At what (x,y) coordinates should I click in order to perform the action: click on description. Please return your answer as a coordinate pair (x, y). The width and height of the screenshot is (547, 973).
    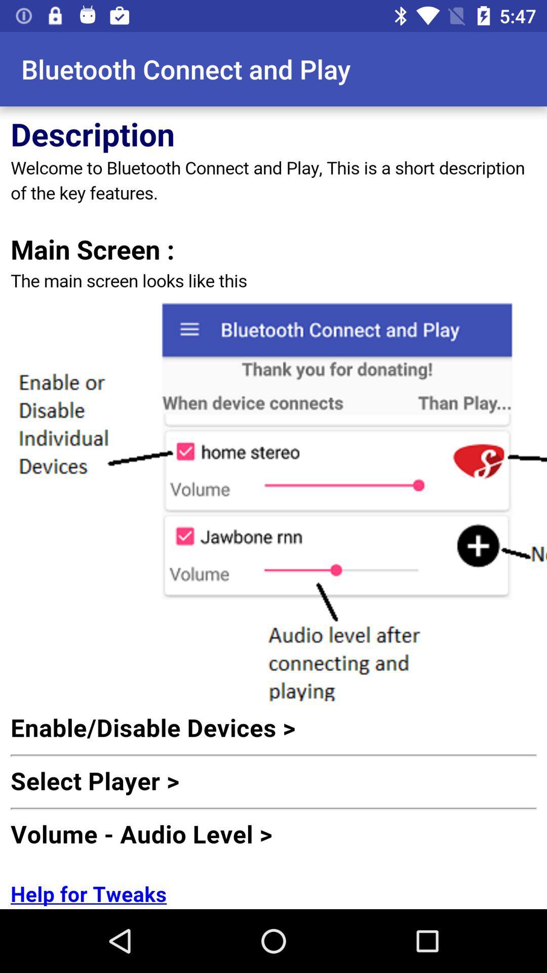
    Looking at the image, I should click on (273, 508).